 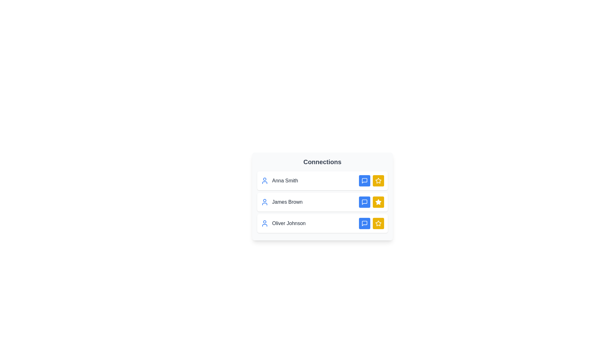 What do you see at coordinates (378, 180) in the screenshot?
I see `favorite button for the connection Anna Smith to toggle its favorite status` at bounding box center [378, 180].